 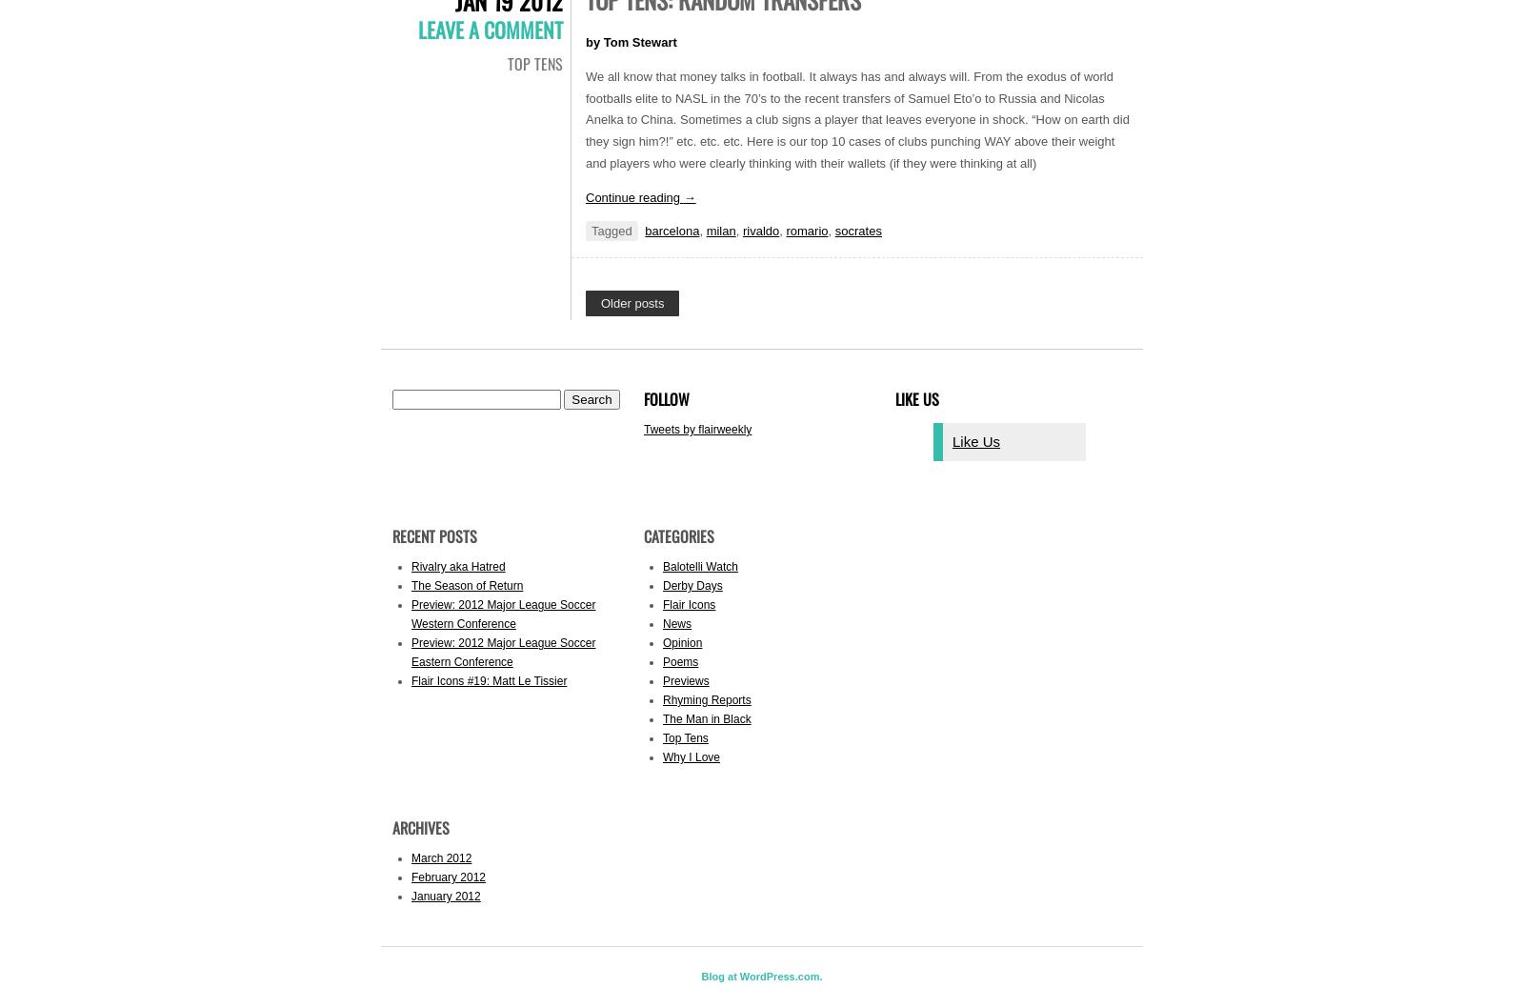 I want to click on 'barcelona', so click(x=672, y=231).